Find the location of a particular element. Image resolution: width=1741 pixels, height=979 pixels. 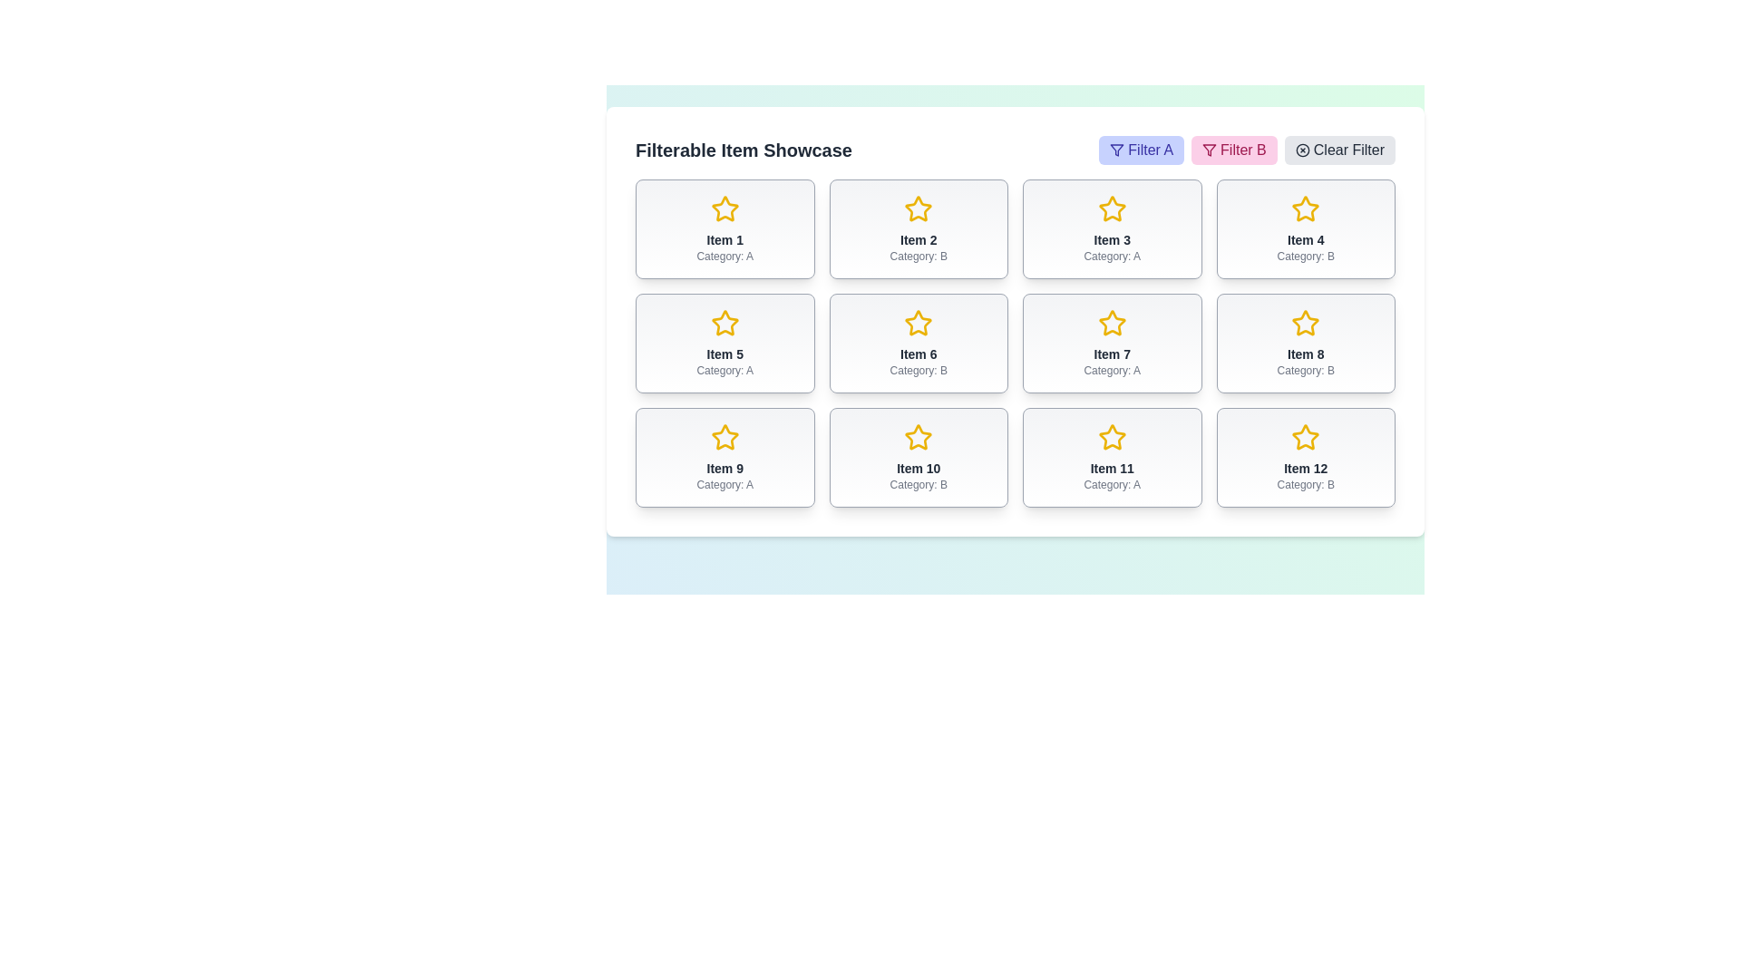

the filter toggle button for category 'B' is located at coordinates (1233, 149).